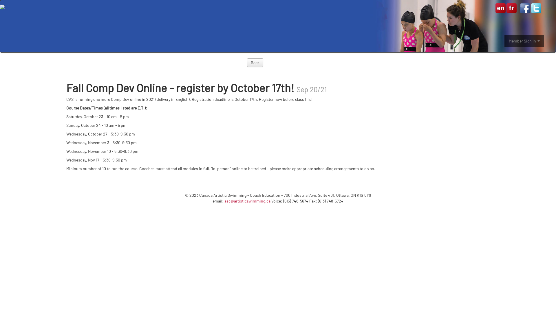 This screenshot has height=312, width=556. I want to click on 'Back', so click(255, 62).